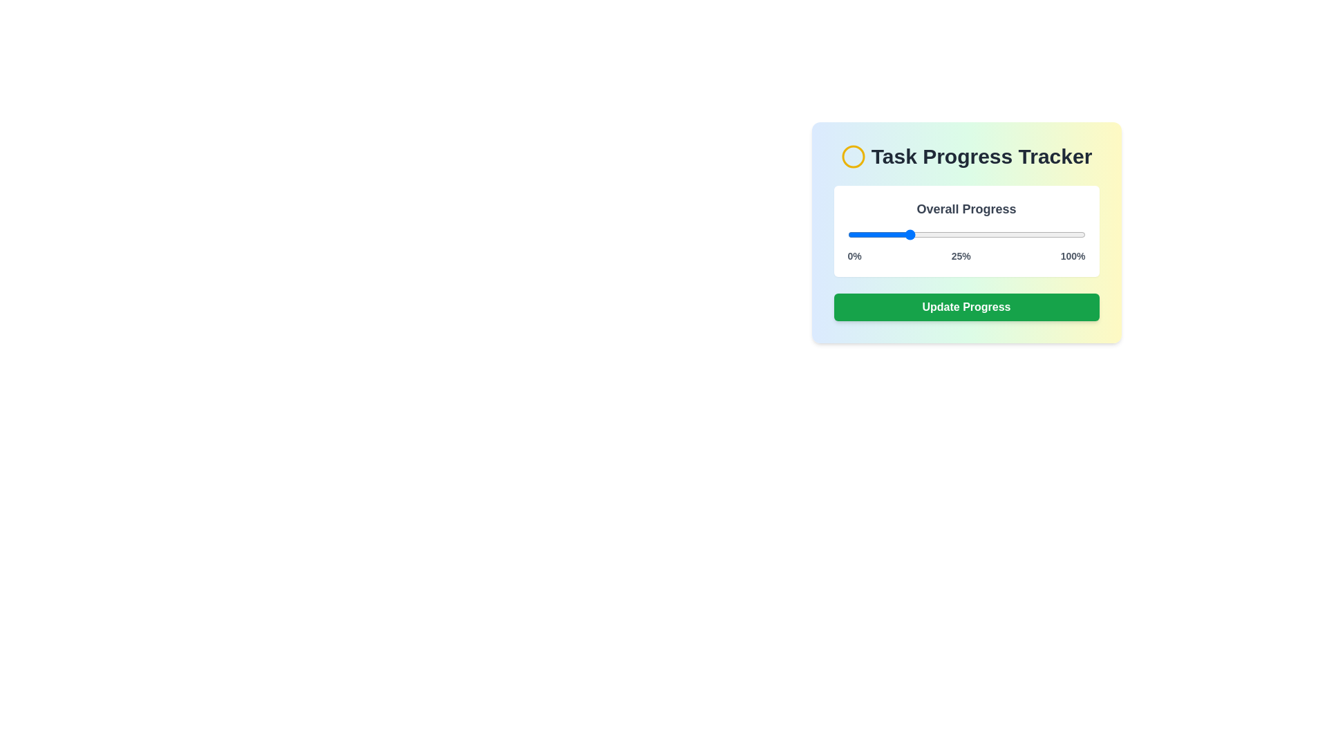  Describe the element at coordinates (966, 306) in the screenshot. I see `'Update Progress' button` at that location.